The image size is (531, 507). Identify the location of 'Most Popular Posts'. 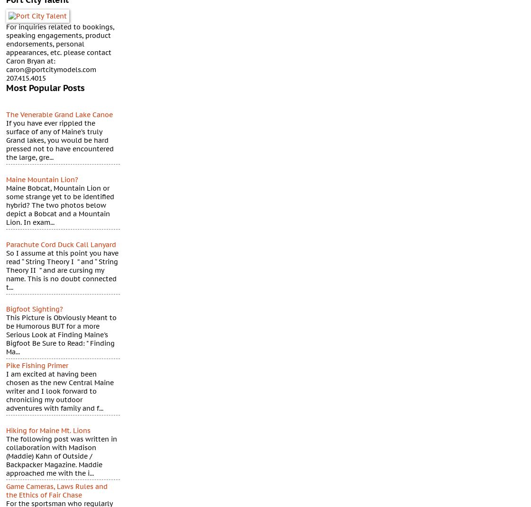
(45, 87).